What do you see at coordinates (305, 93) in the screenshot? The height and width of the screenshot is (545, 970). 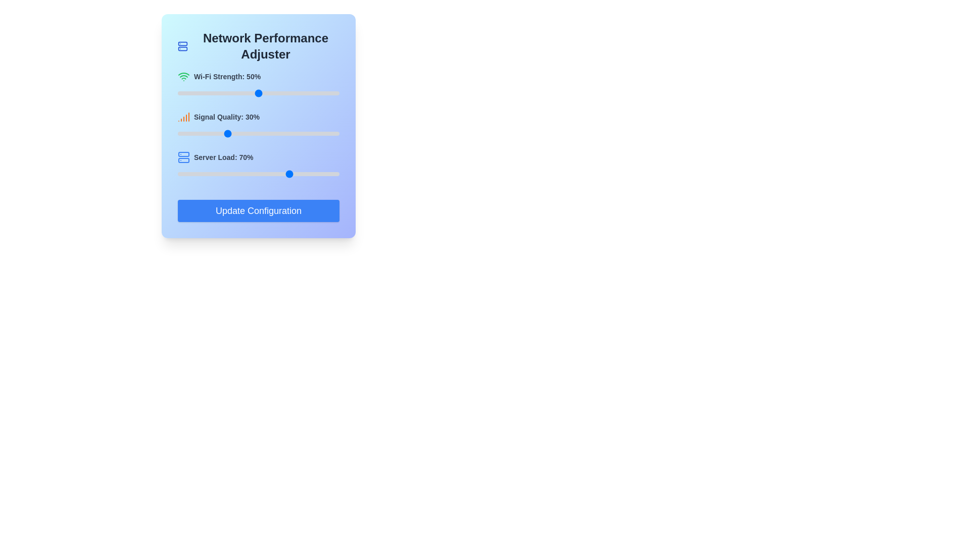 I see `Wi-Fi strength` at bounding box center [305, 93].